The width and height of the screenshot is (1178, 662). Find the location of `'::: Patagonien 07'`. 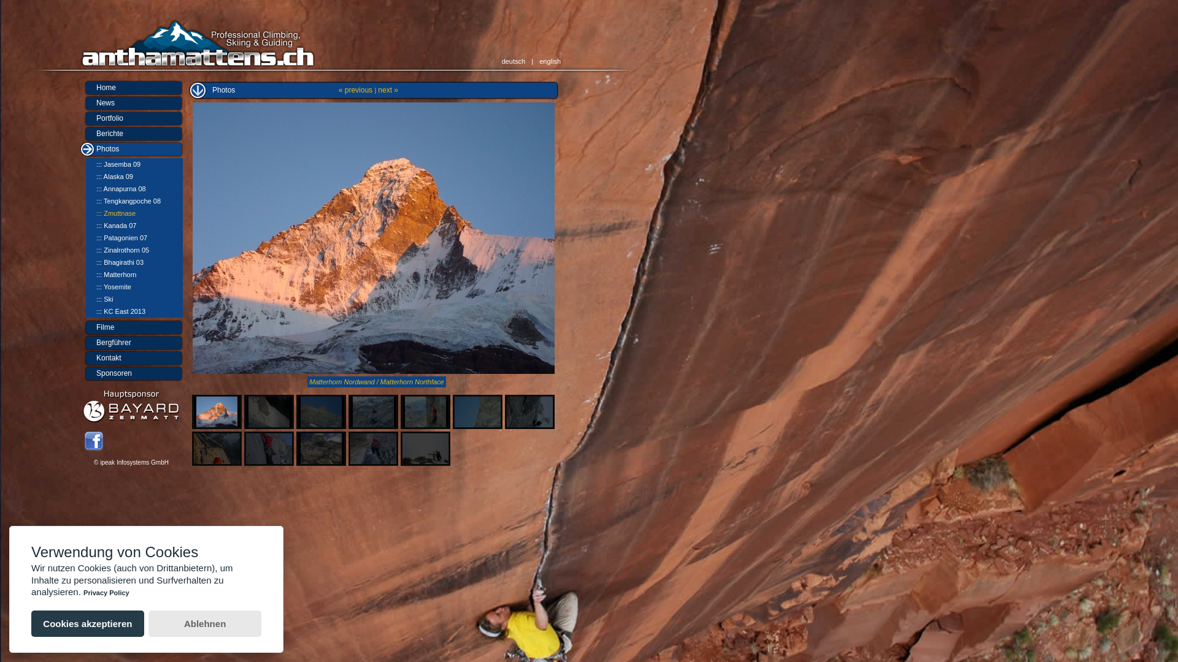

'::: Patagonien 07' is located at coordinates (114, 238).